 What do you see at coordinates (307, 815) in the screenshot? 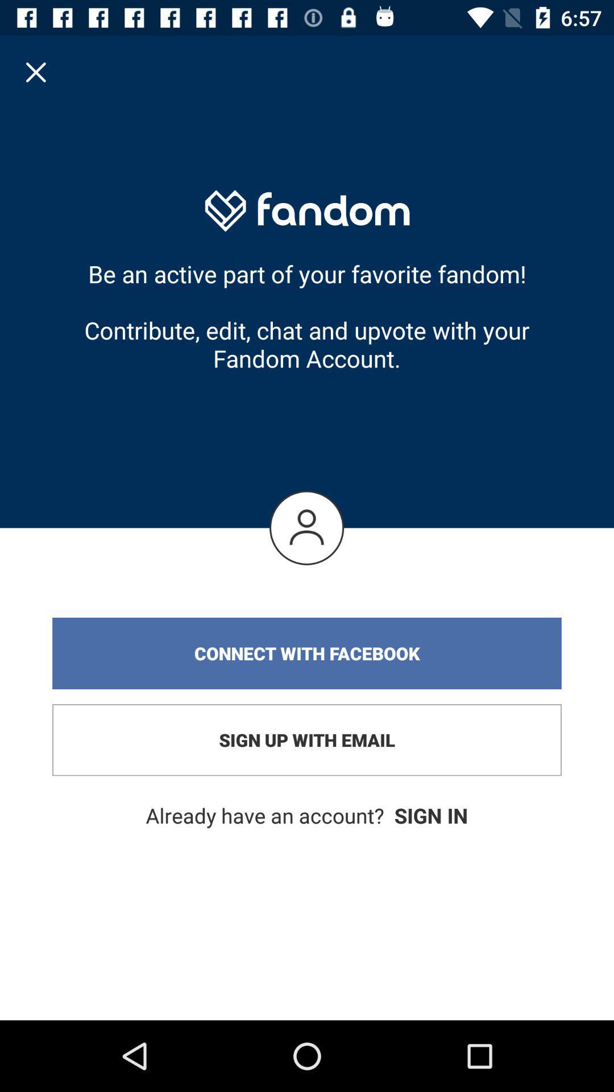
I see `the already have an icon` at bounding box center [307, 815].